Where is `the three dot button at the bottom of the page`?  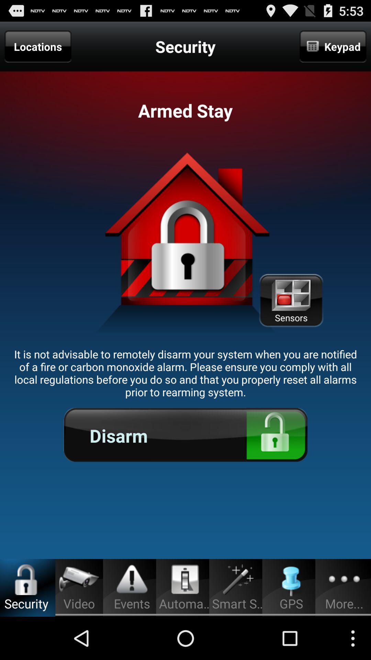
the three dot button at the bottom of the page is located at coordinates (344, 579).